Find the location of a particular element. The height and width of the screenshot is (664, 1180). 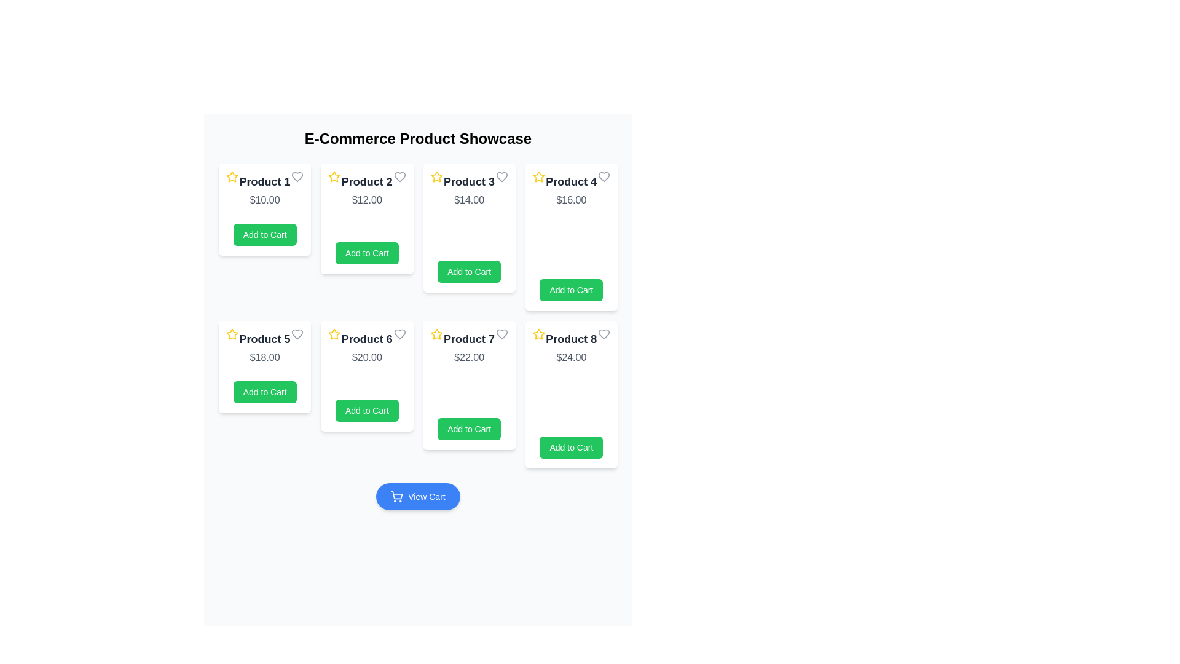

the price label for 'Product 7', which is located on the card in the bottom row of the products grid, directly below the title 'Product 7' is located at coordinates (468, 358).